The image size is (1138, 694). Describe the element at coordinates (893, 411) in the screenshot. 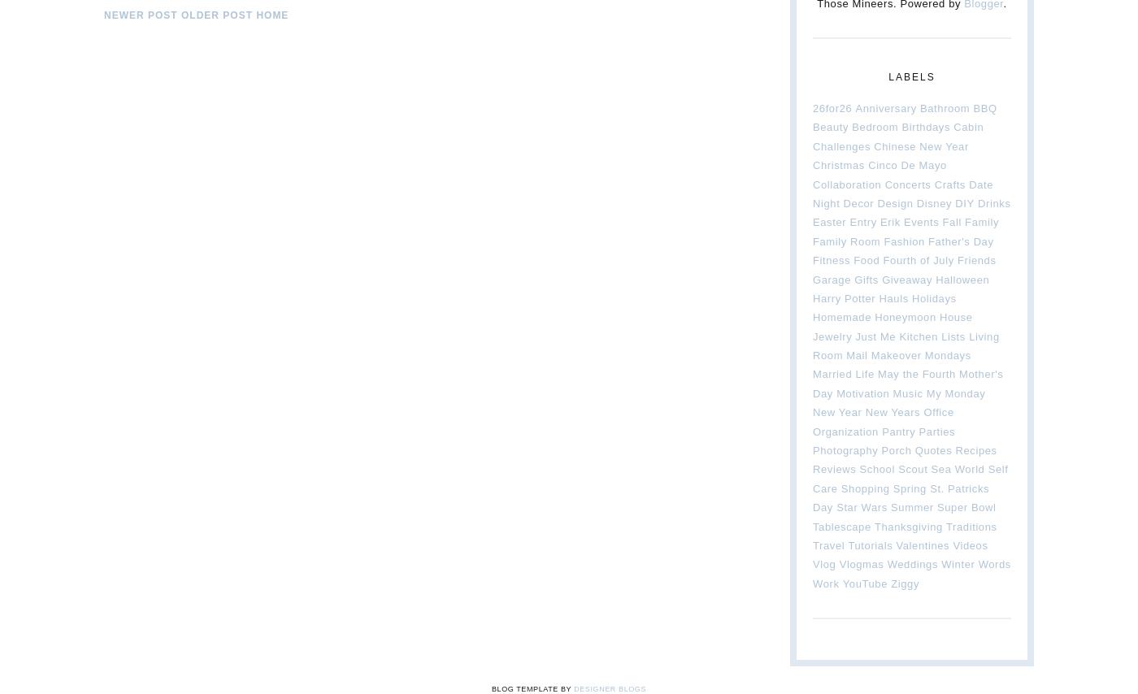

I see `'New Years'` at that location.